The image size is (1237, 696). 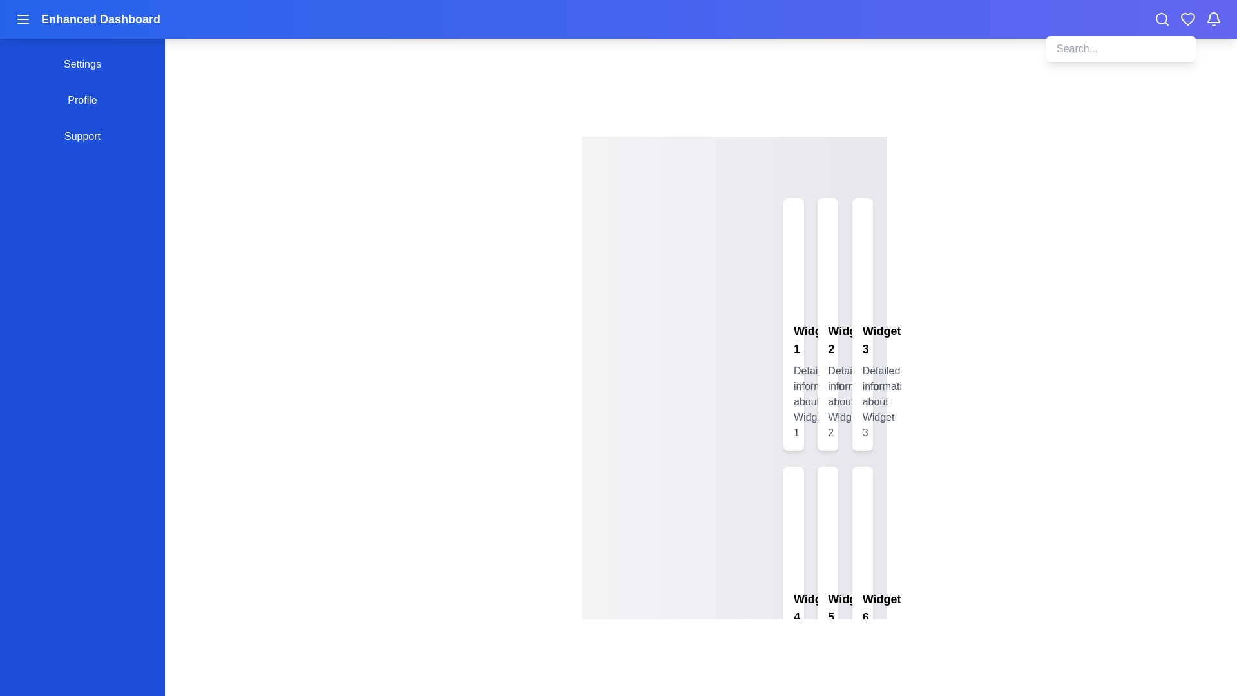 What do you see at coordinates (82, 137) in the screenshot?
I see `the 'Support' button, which is a rectangular button with white text on a blue background, located in the sidebar below the 'Profile' button` at bounding box center [82, 137].